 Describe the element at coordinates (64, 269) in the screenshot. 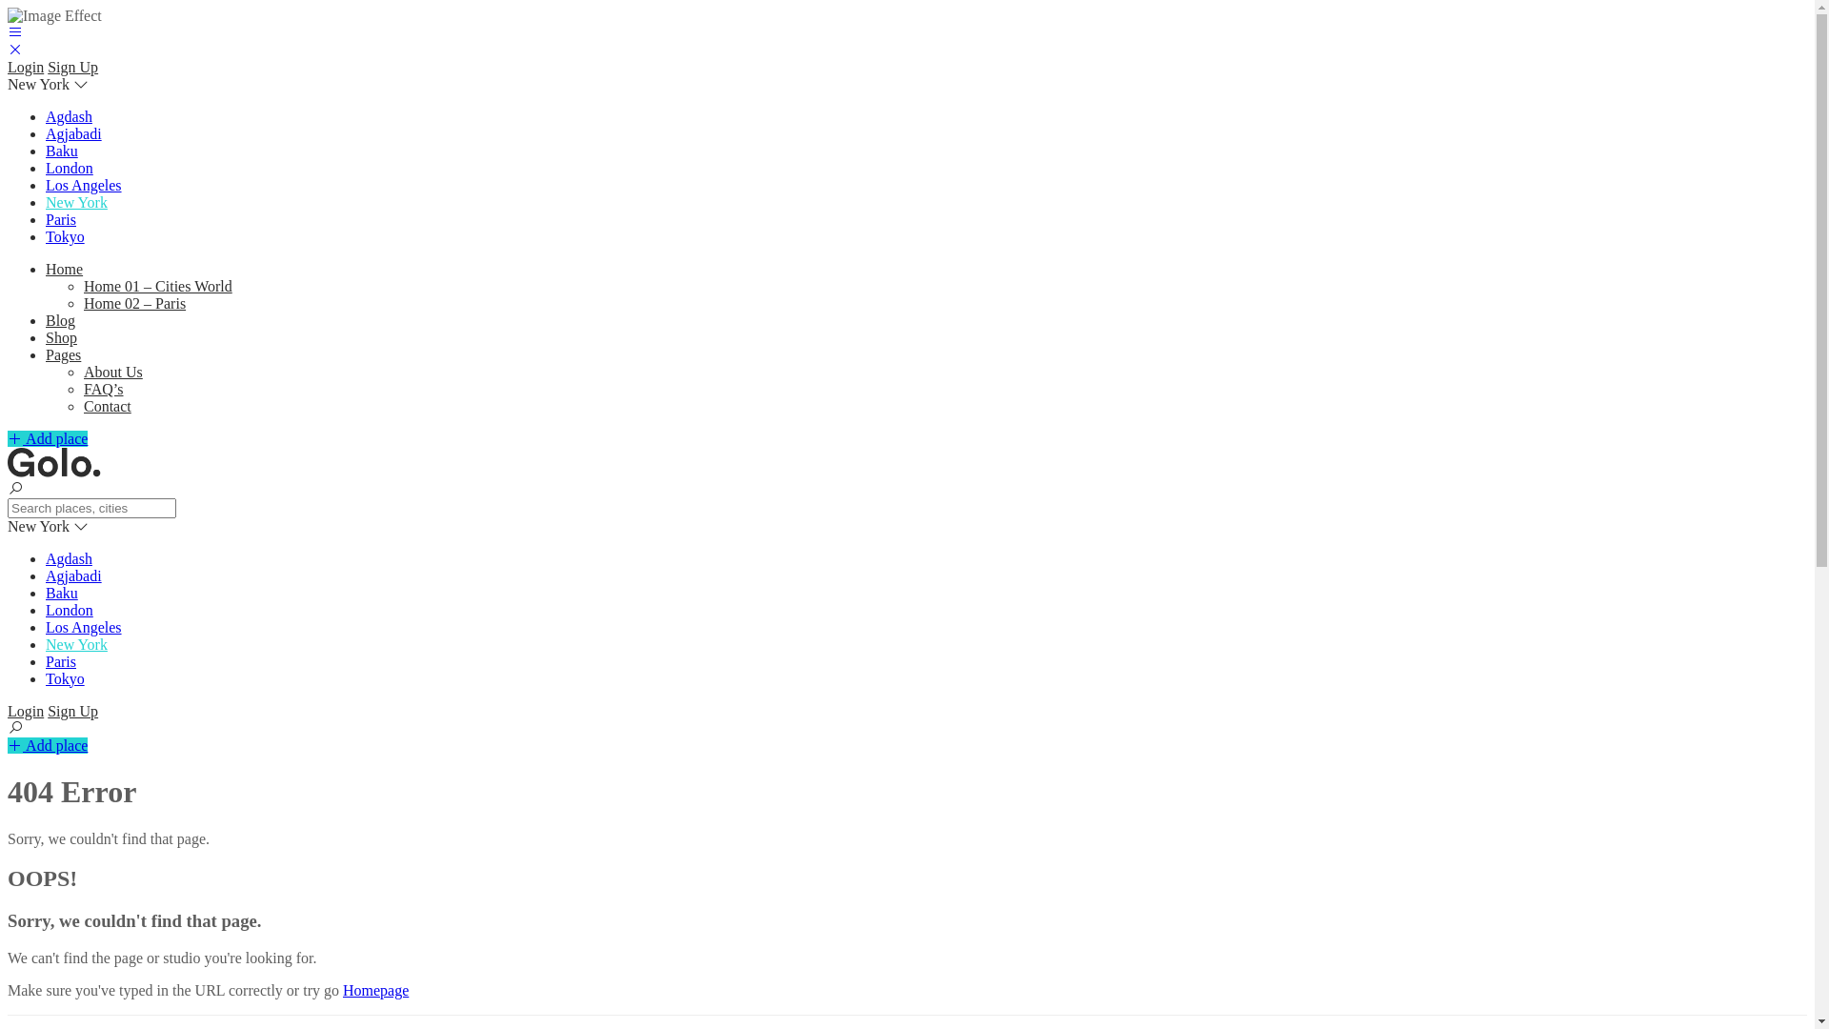

I see `'Home'` at that location.